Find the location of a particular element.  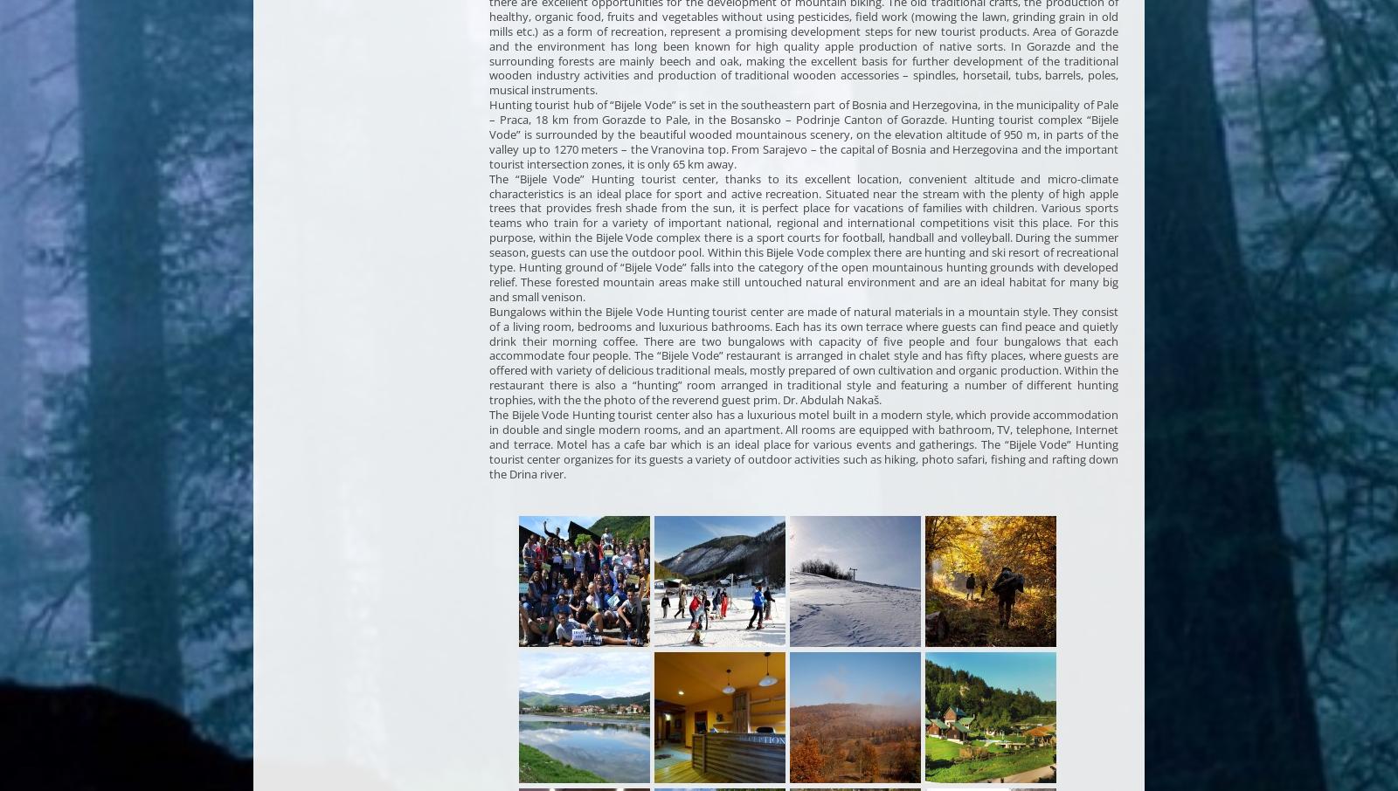

'grain in' is located at coordinates (1076, 15).